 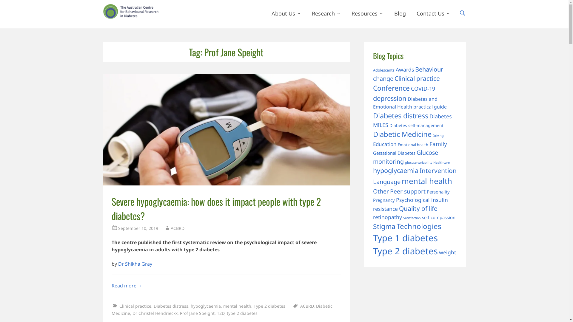 What do you see at coordinates (400, 13) in the screenshot?
I see `'Blog'` at bounding box center [400, 13].